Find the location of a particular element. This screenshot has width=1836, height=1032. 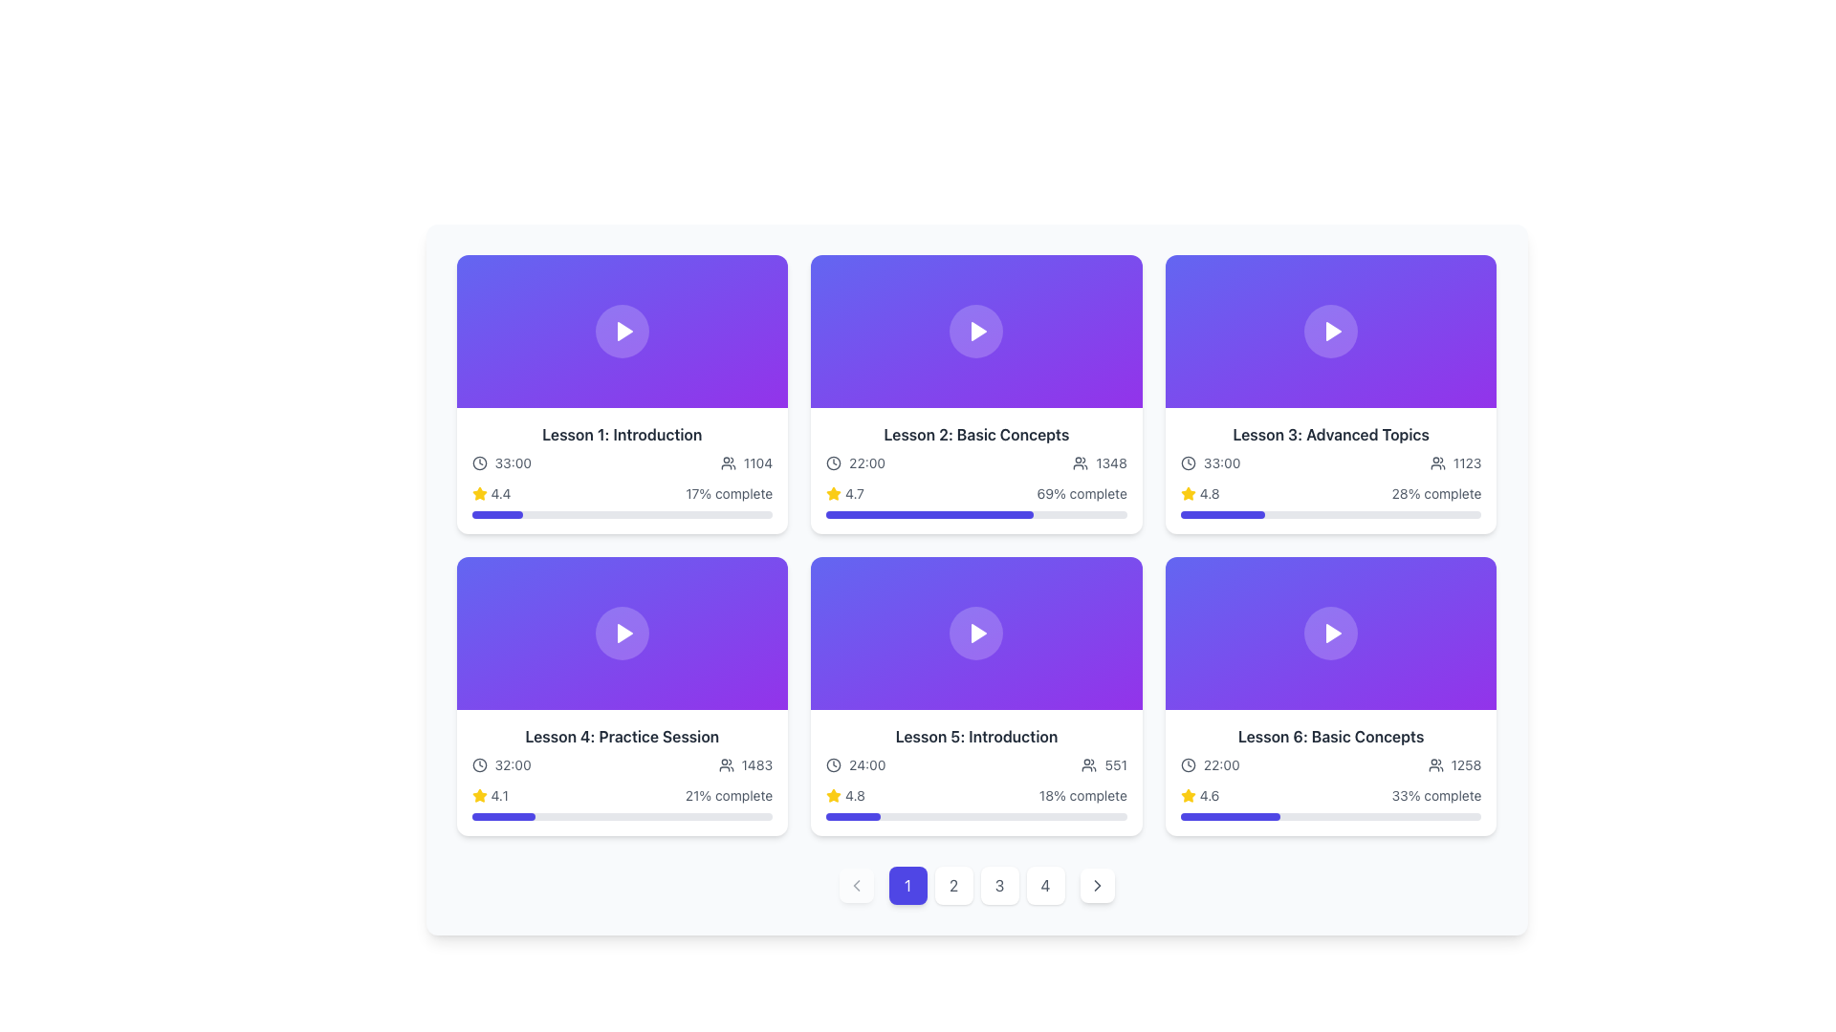

the first Lesson Card in the grid layout located in the top-left corner is located at coordinates (622, 393).